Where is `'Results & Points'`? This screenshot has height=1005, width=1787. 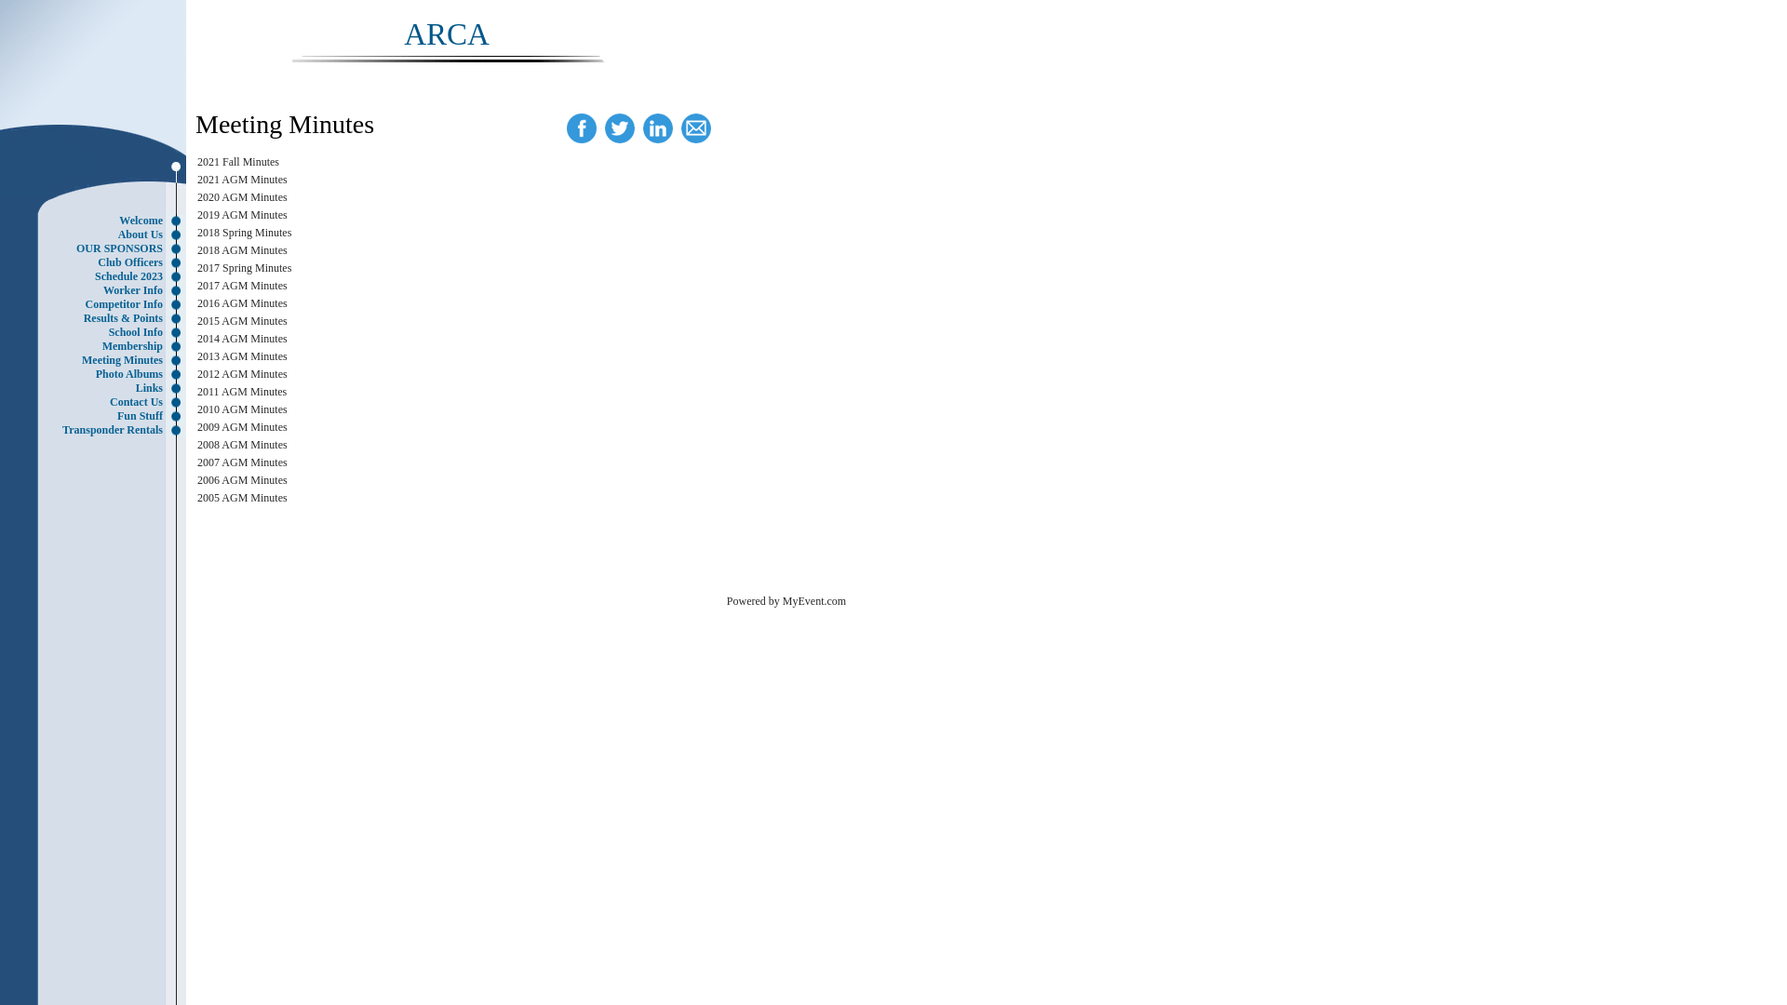
'Results & Points' is located at coordinates (97, 317).